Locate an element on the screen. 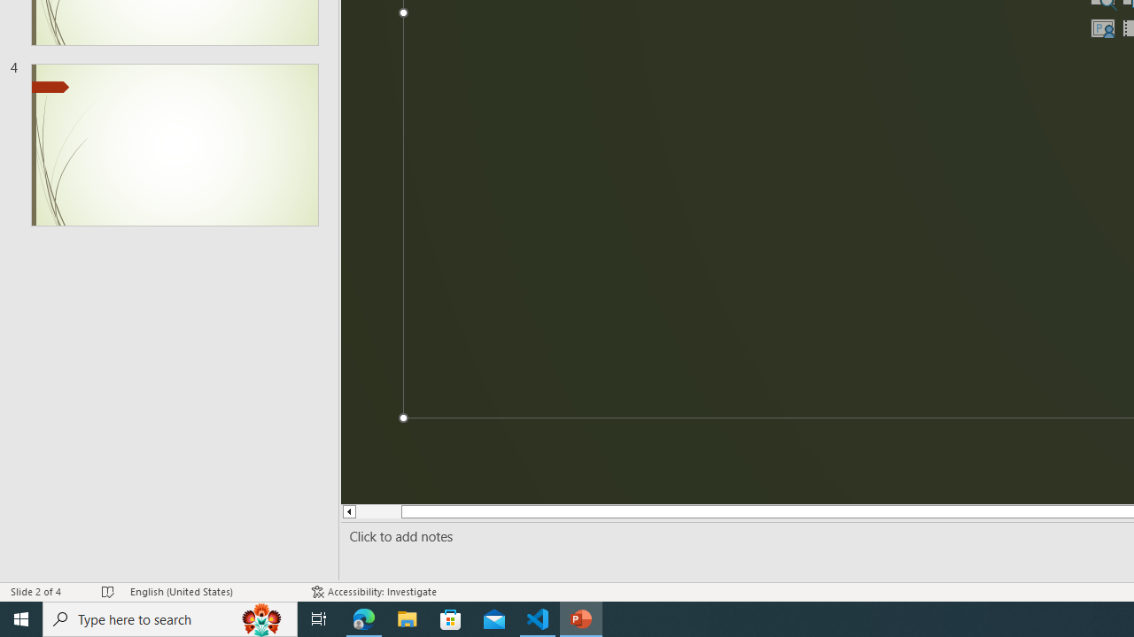 The width and height of the screenshot is (1134, 637). 'Insert Cameo' is located at coordinates (1101, 28).